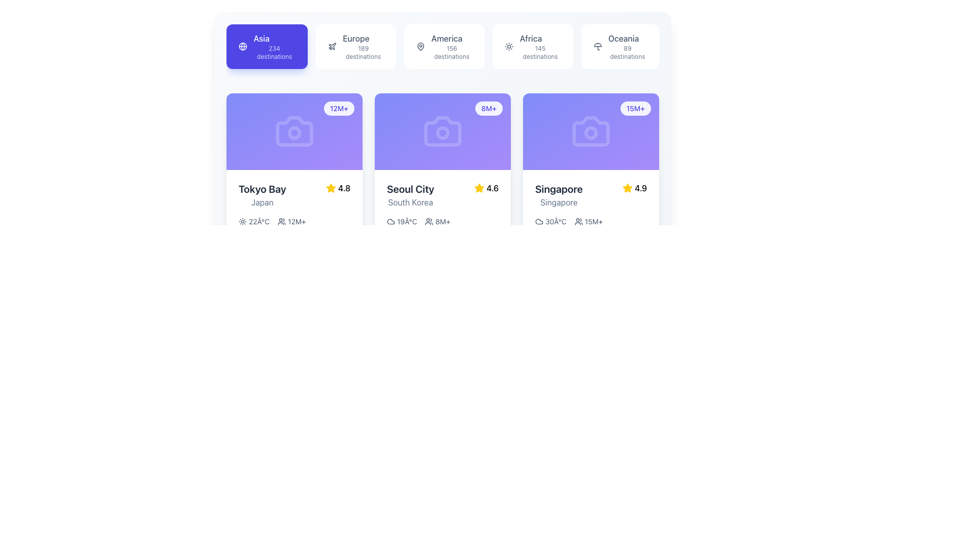  I want to click on the informational card about 'Singapore' to mark it as favorite or visit, which is the last card in the first row of a series of destination cards, so click(591, 236).